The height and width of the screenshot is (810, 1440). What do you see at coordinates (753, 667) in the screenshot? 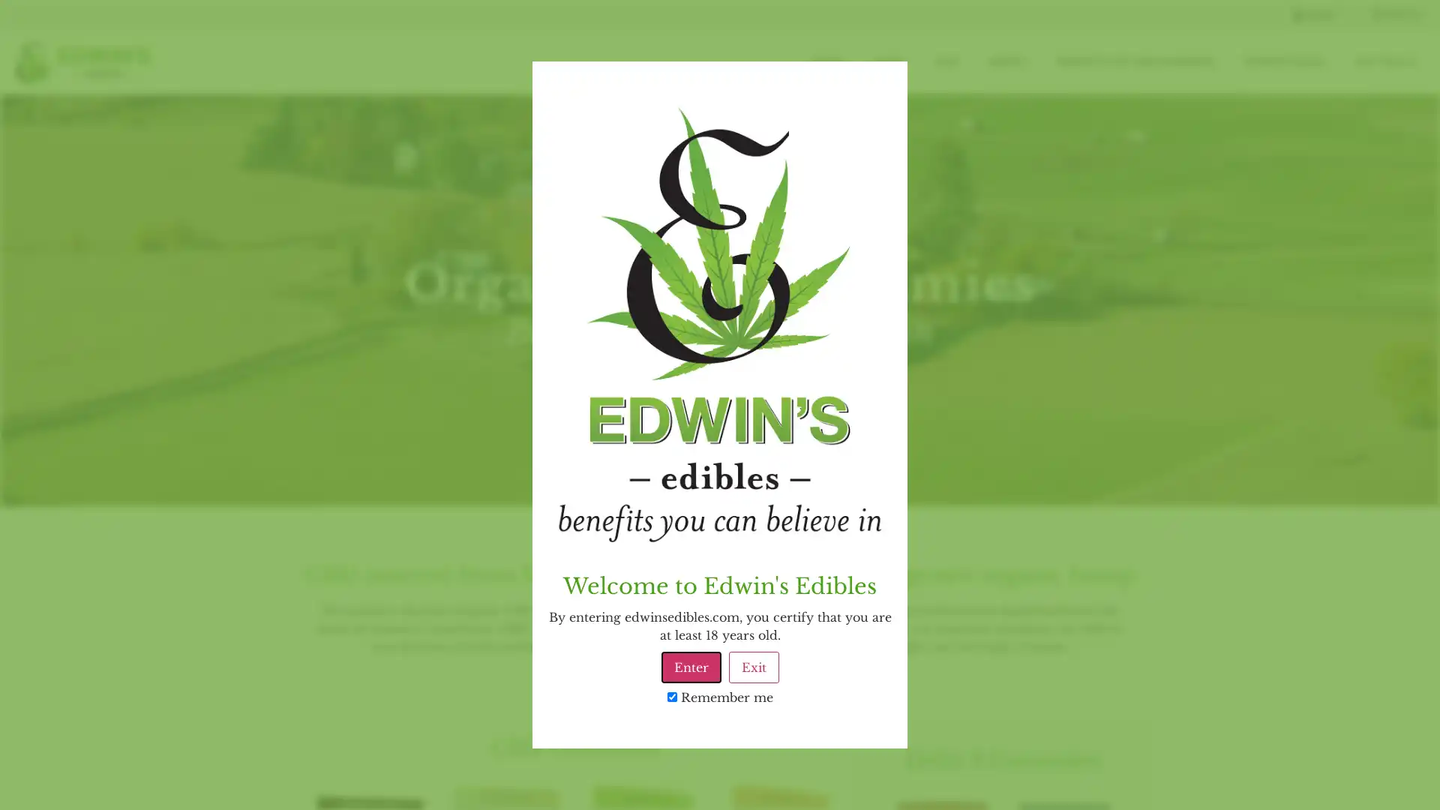
I see `Exit` at bounding box center [753, 667].